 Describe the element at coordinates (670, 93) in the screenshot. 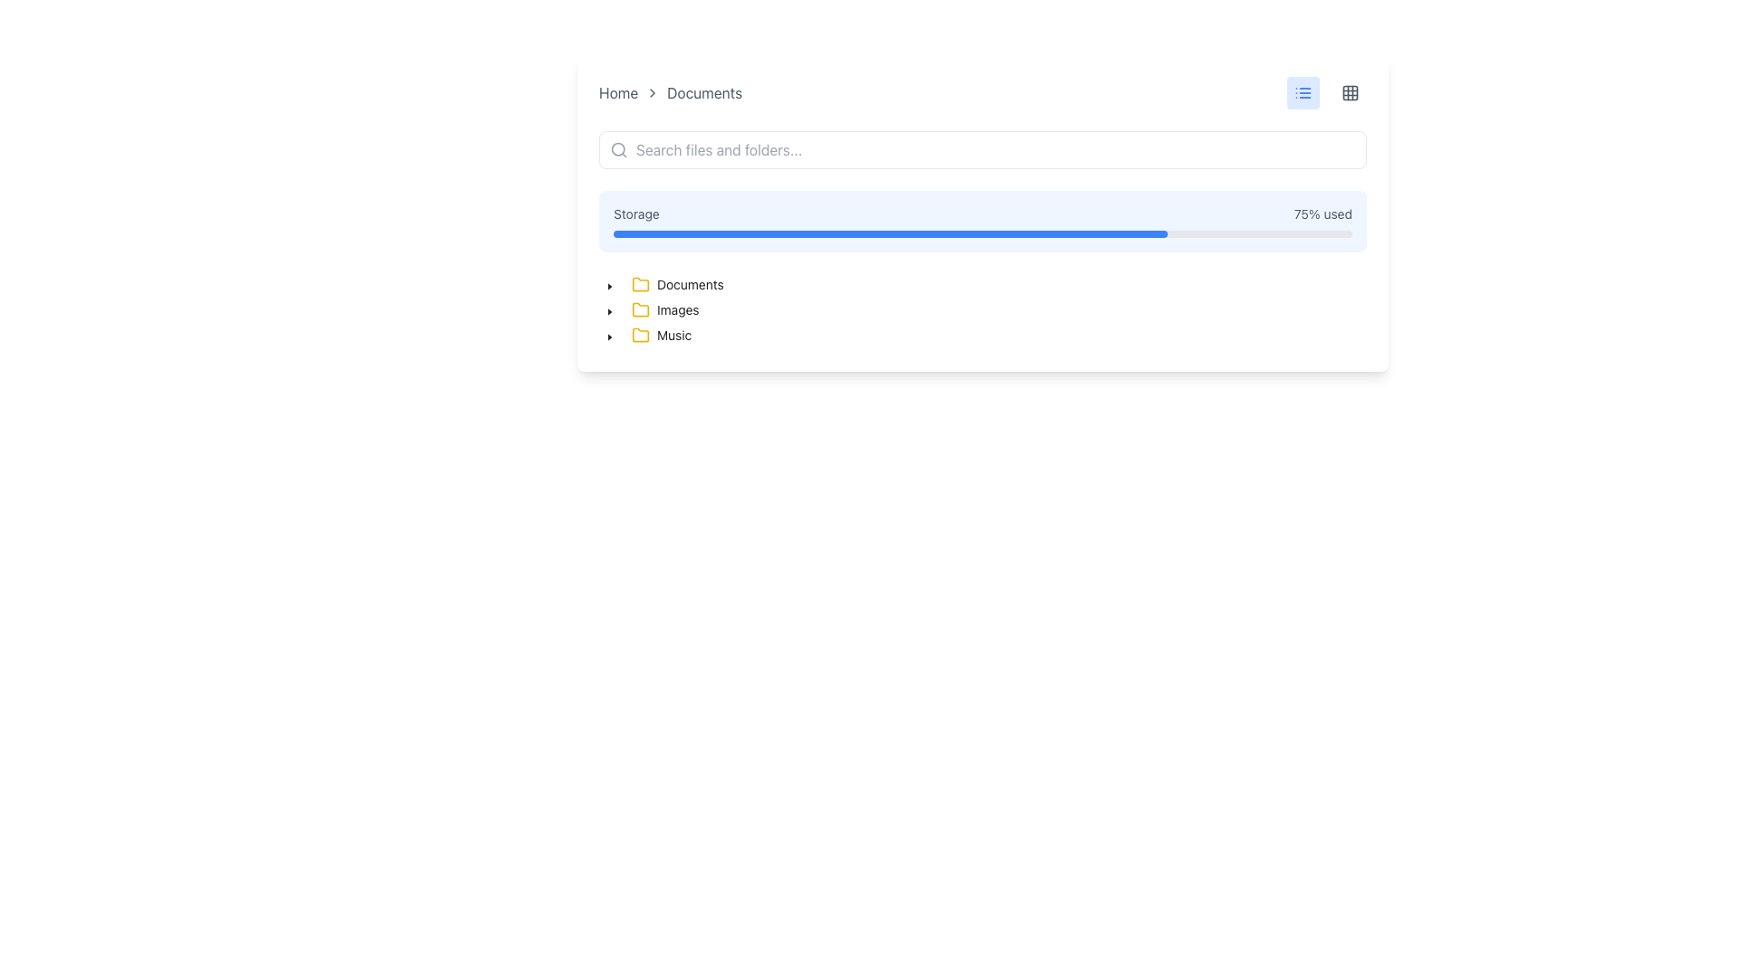

I see `the Breadcrumb navigation component consisting of 'Home' and 'Documents' text with a right chevron icon, positioned at the top-left corner of the interface` at that location.